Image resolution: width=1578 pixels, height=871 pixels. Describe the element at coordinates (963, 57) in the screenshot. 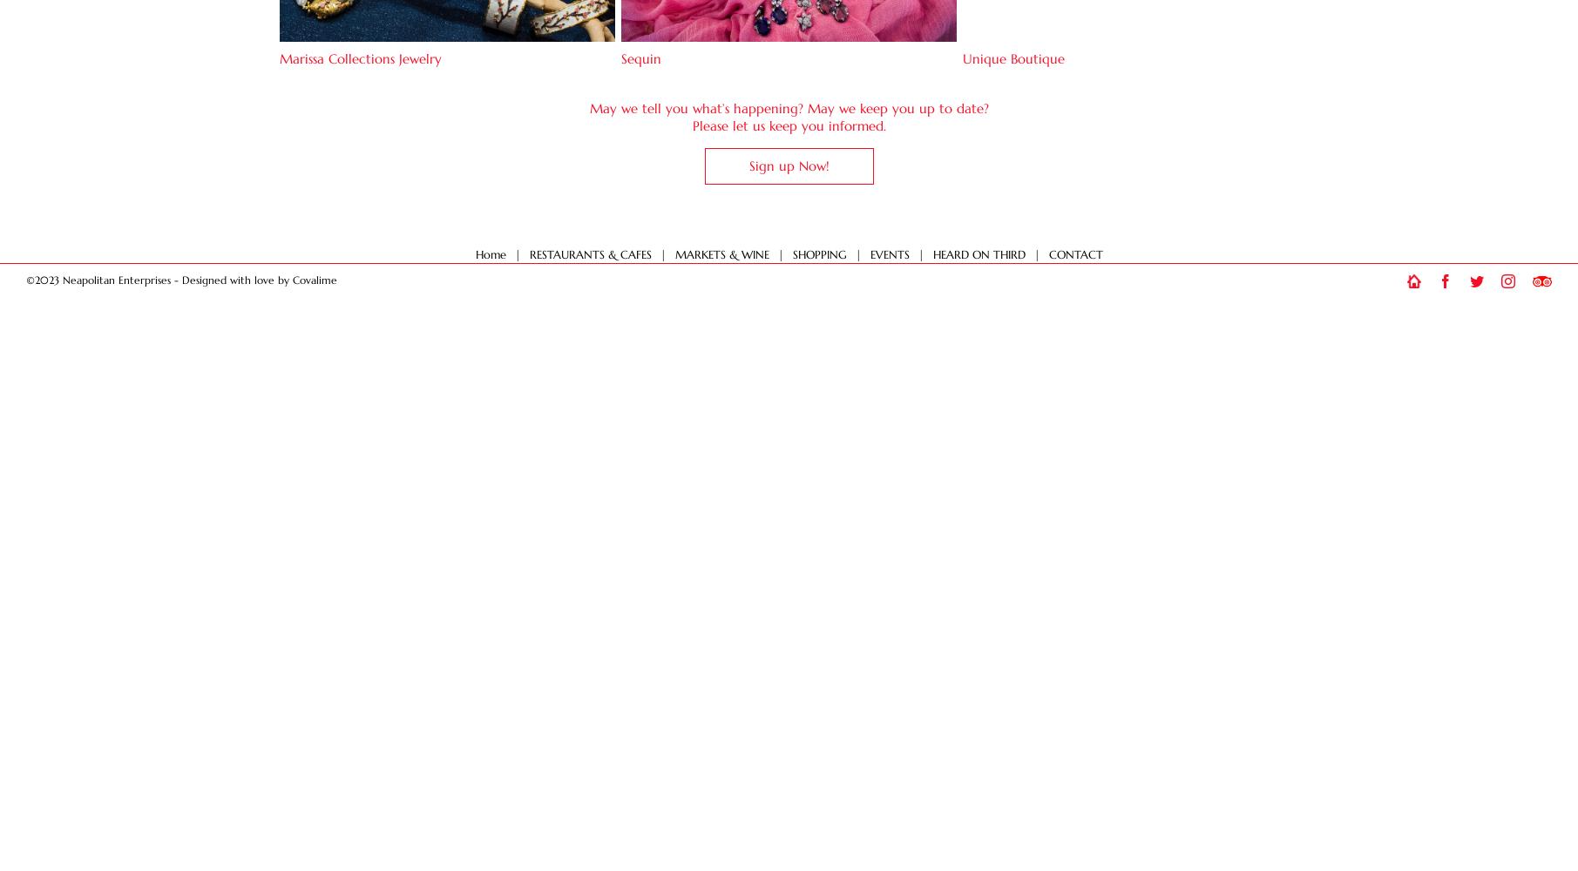

I see `'Unique Boutique'` at that location.